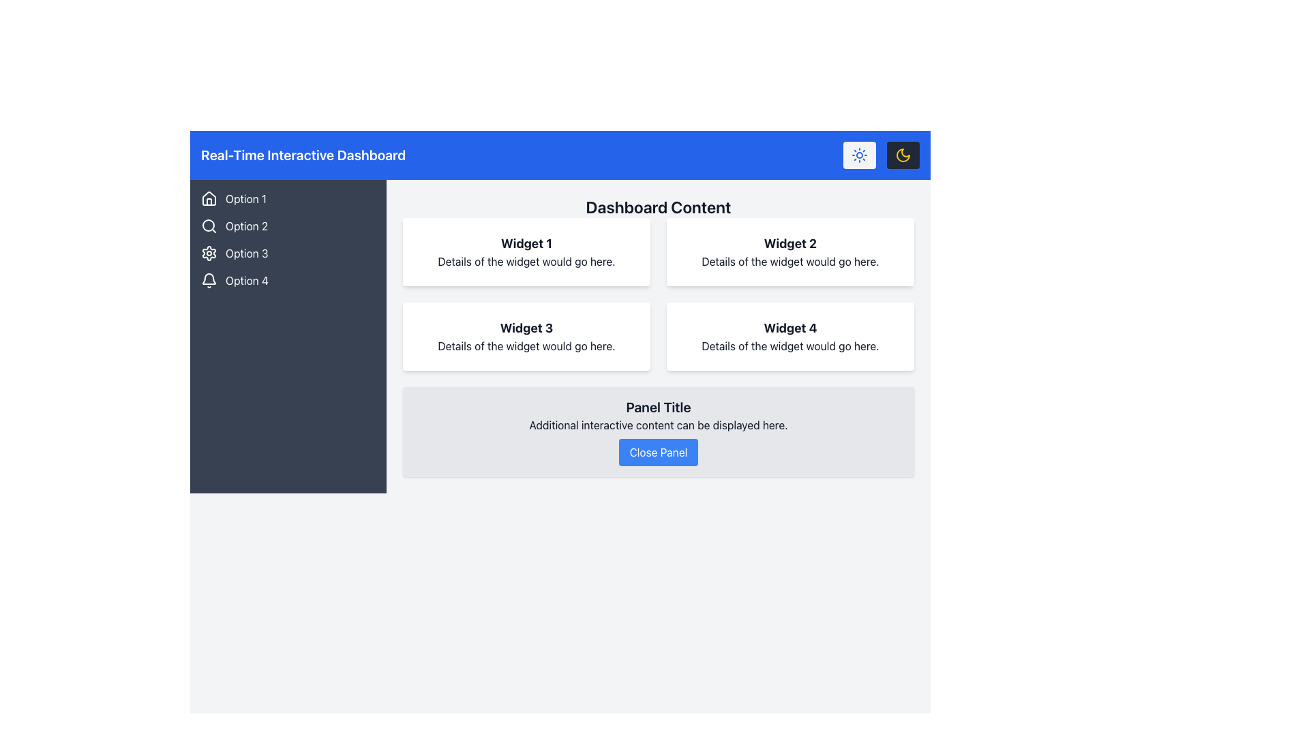 The width and height of the screenshot is (1309, 736). I want to click on the crescent moon icon in the top-right corner of the interface, so click(903, 154).